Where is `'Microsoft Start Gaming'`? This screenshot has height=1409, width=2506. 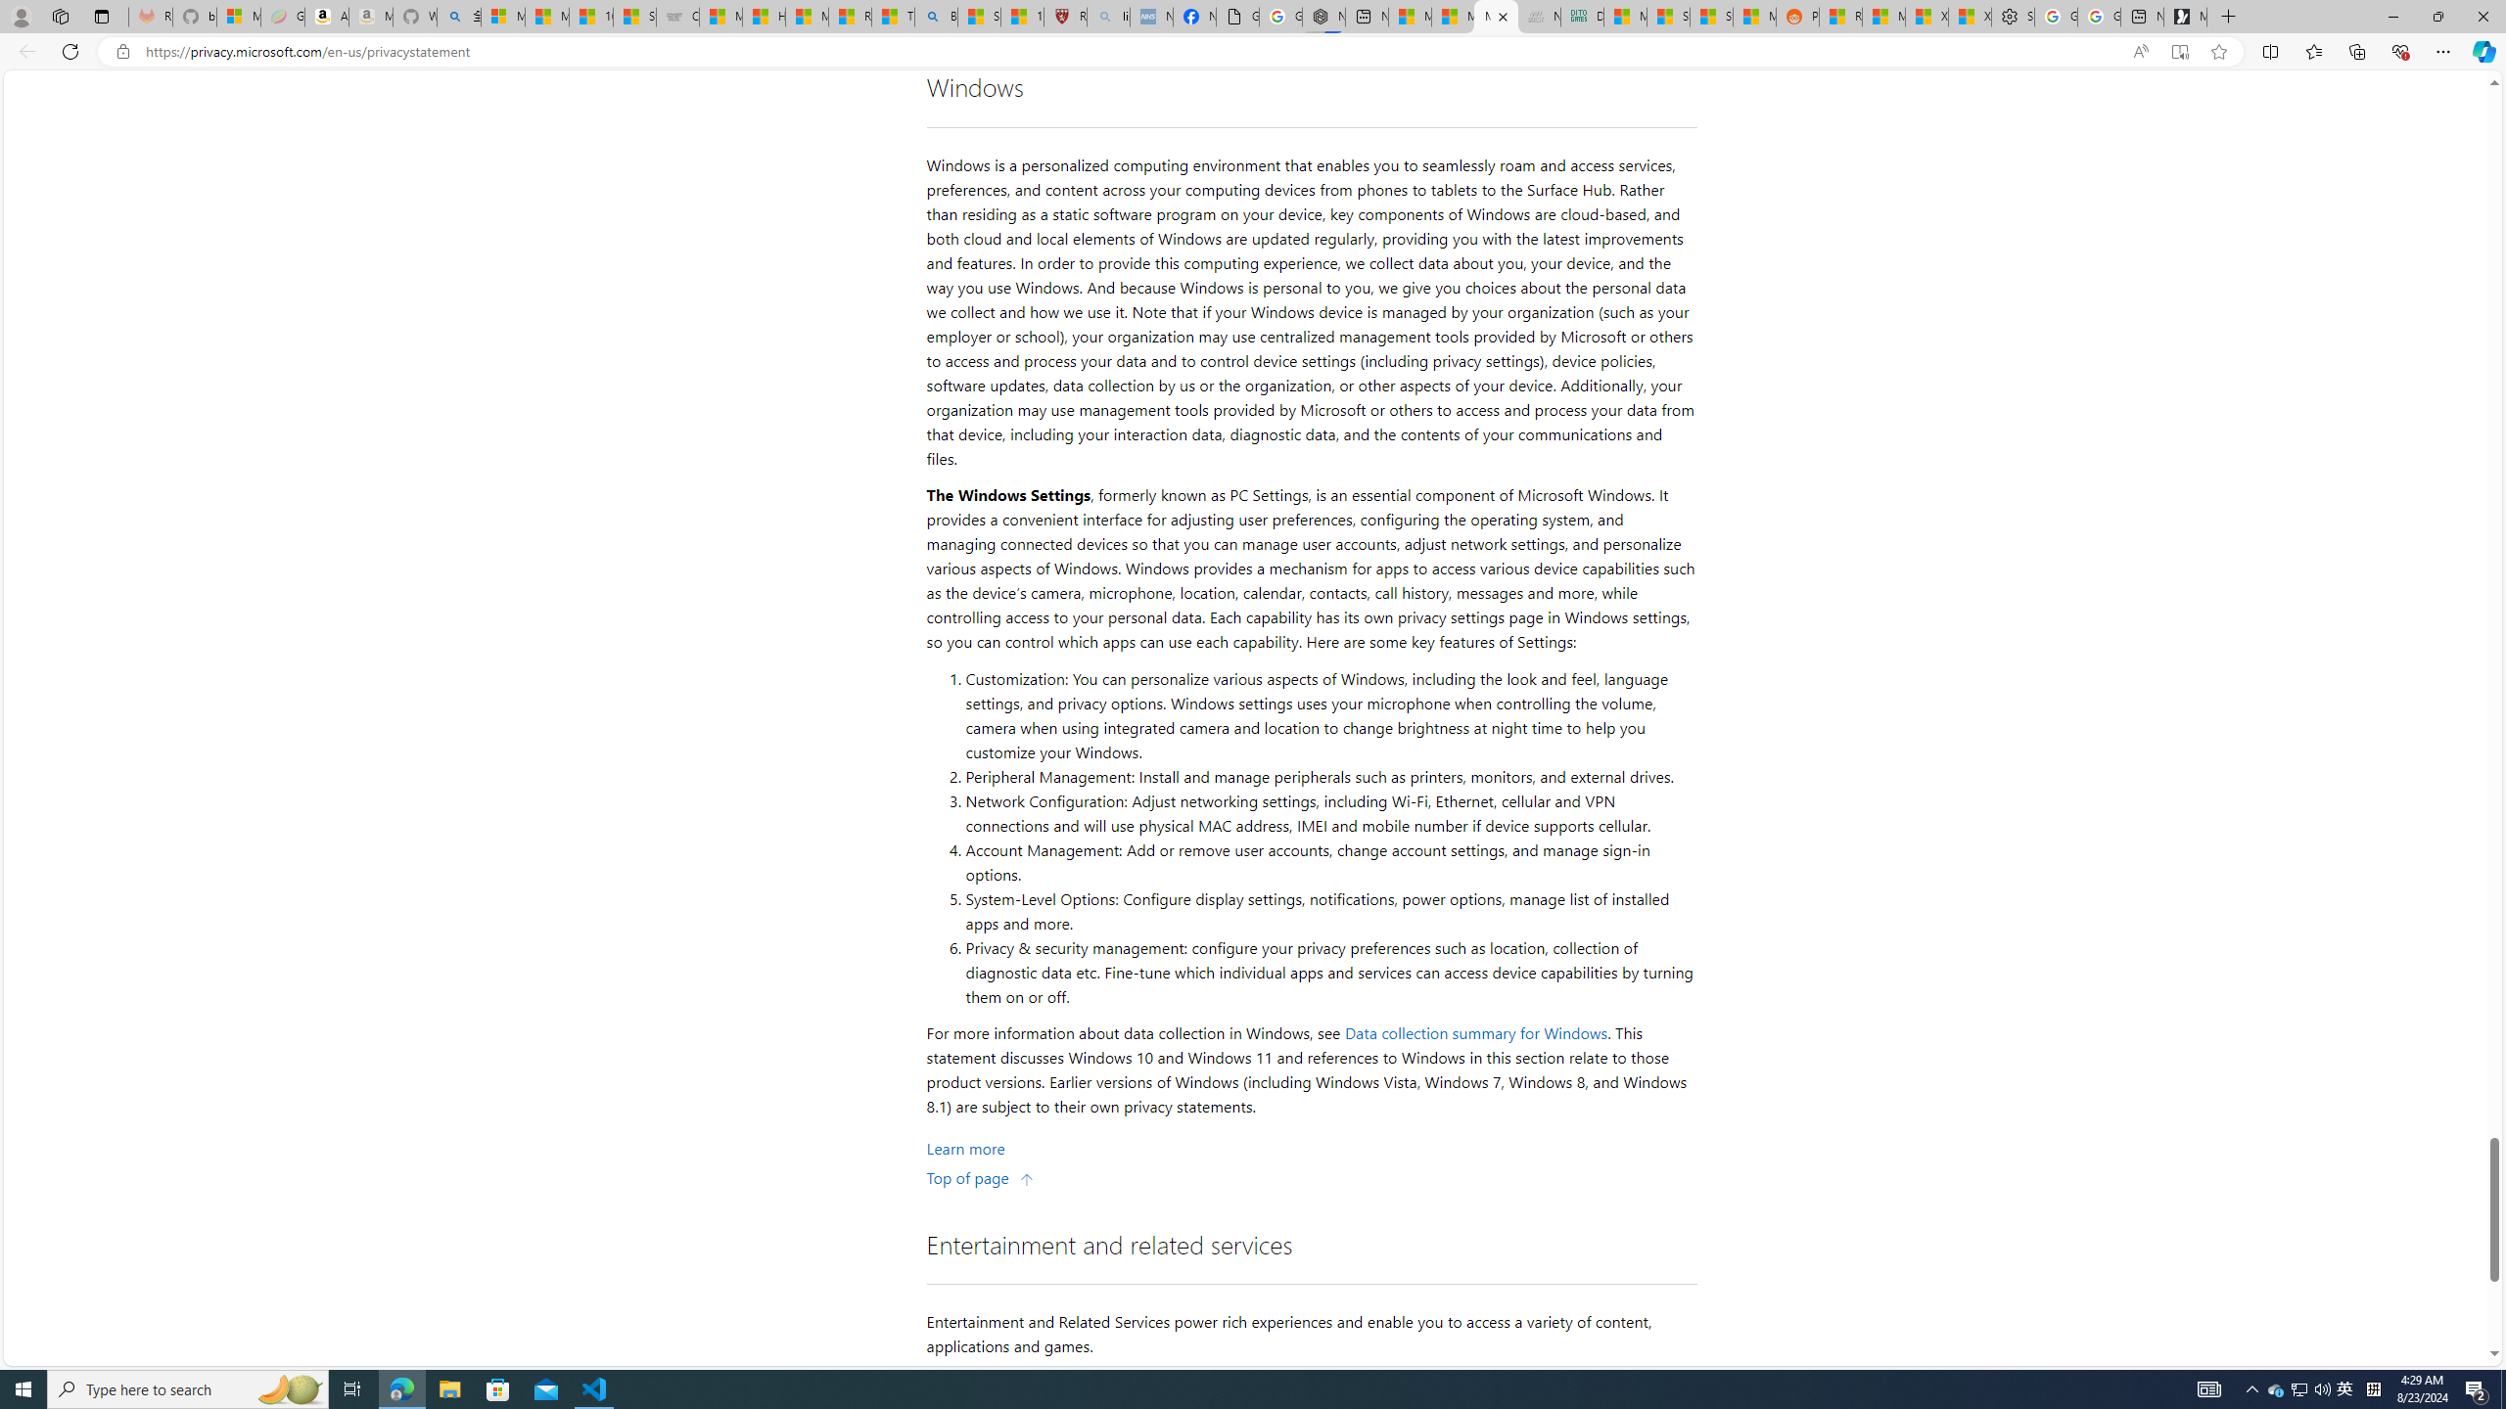 'Microsoft Start Gaming' is located at coordinates (2184, 16).